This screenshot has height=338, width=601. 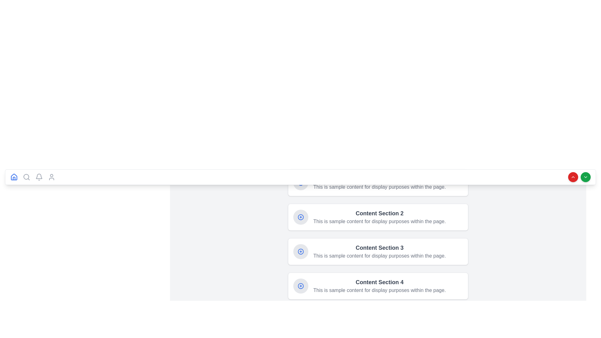 I want to click on the button located on the left side of 'Content Section 2', so click(x=300, y=217).